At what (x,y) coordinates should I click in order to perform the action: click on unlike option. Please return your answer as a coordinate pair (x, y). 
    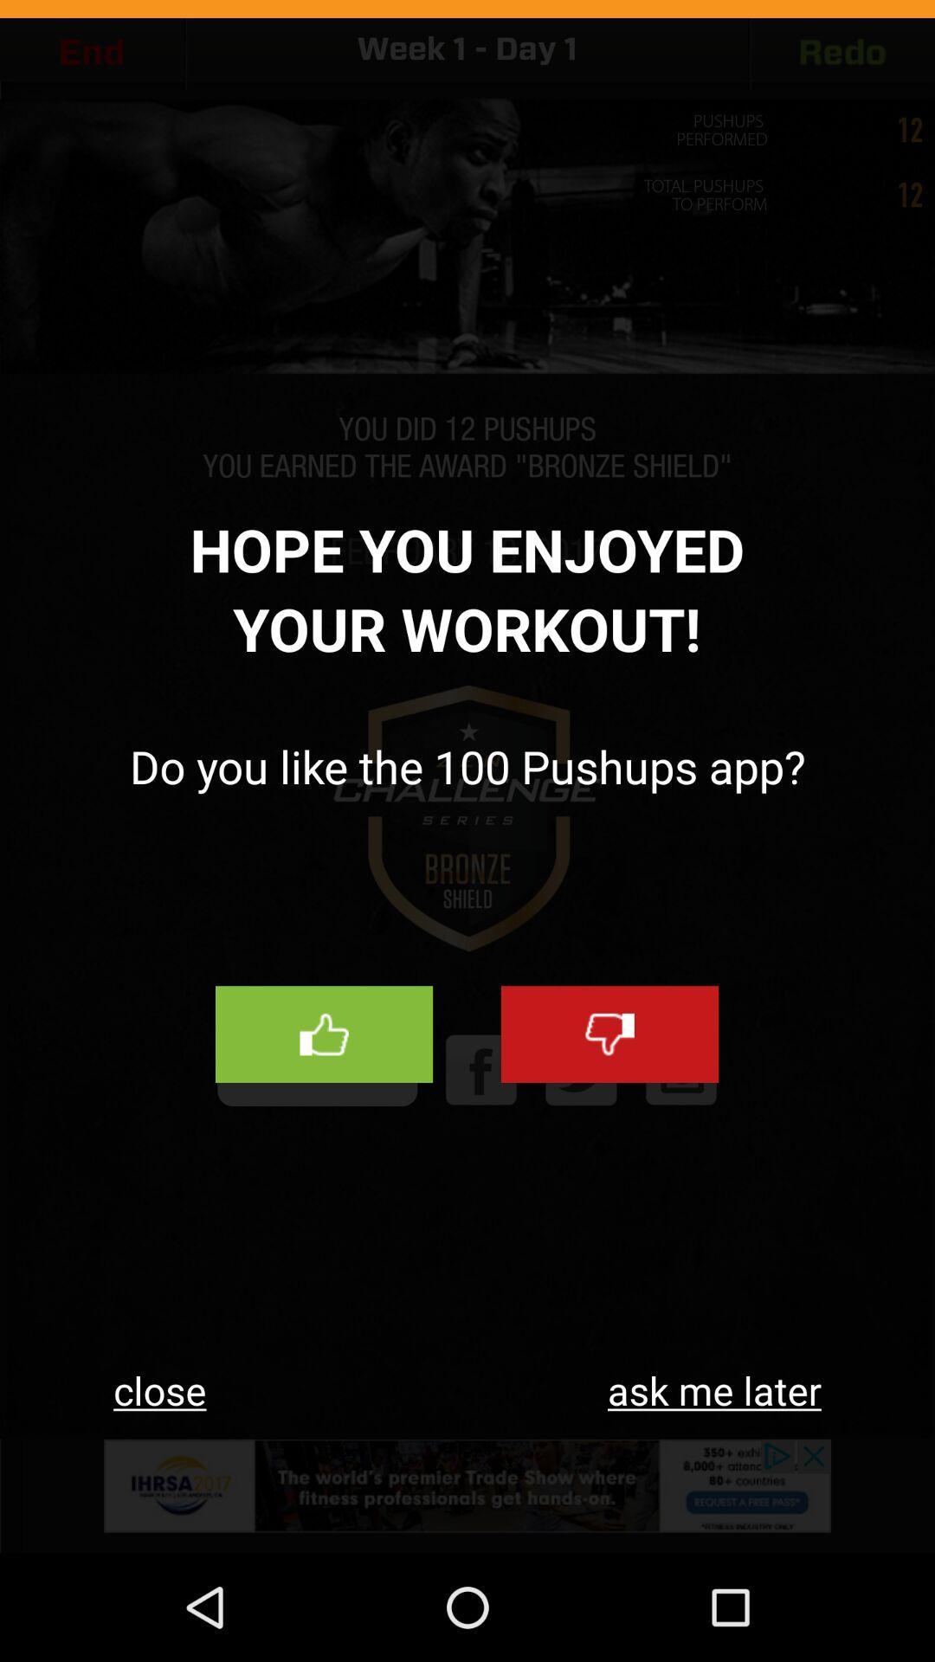
    Looking at the image, I should click on (609, 1034).